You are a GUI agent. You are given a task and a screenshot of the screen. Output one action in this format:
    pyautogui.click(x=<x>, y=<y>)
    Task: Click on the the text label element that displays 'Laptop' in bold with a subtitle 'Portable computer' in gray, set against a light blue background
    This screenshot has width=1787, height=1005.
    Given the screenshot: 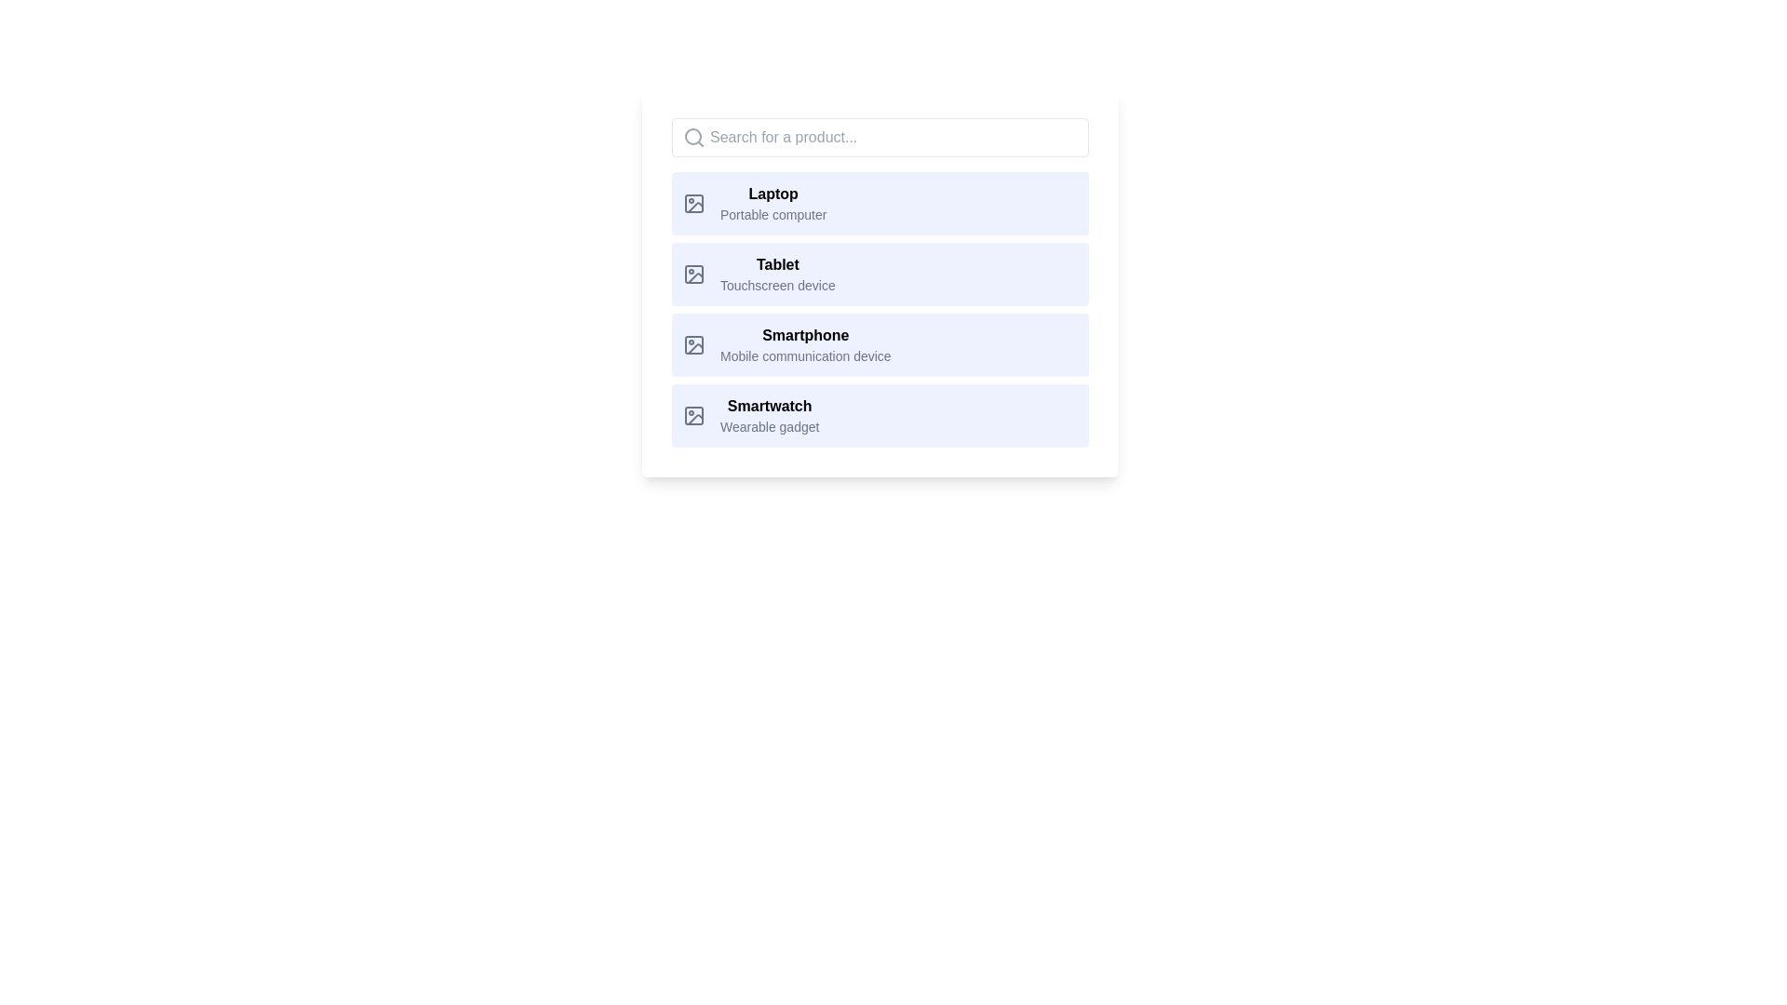 What is the action you would take?
    pyautogui.click(x=773, y=204)
    